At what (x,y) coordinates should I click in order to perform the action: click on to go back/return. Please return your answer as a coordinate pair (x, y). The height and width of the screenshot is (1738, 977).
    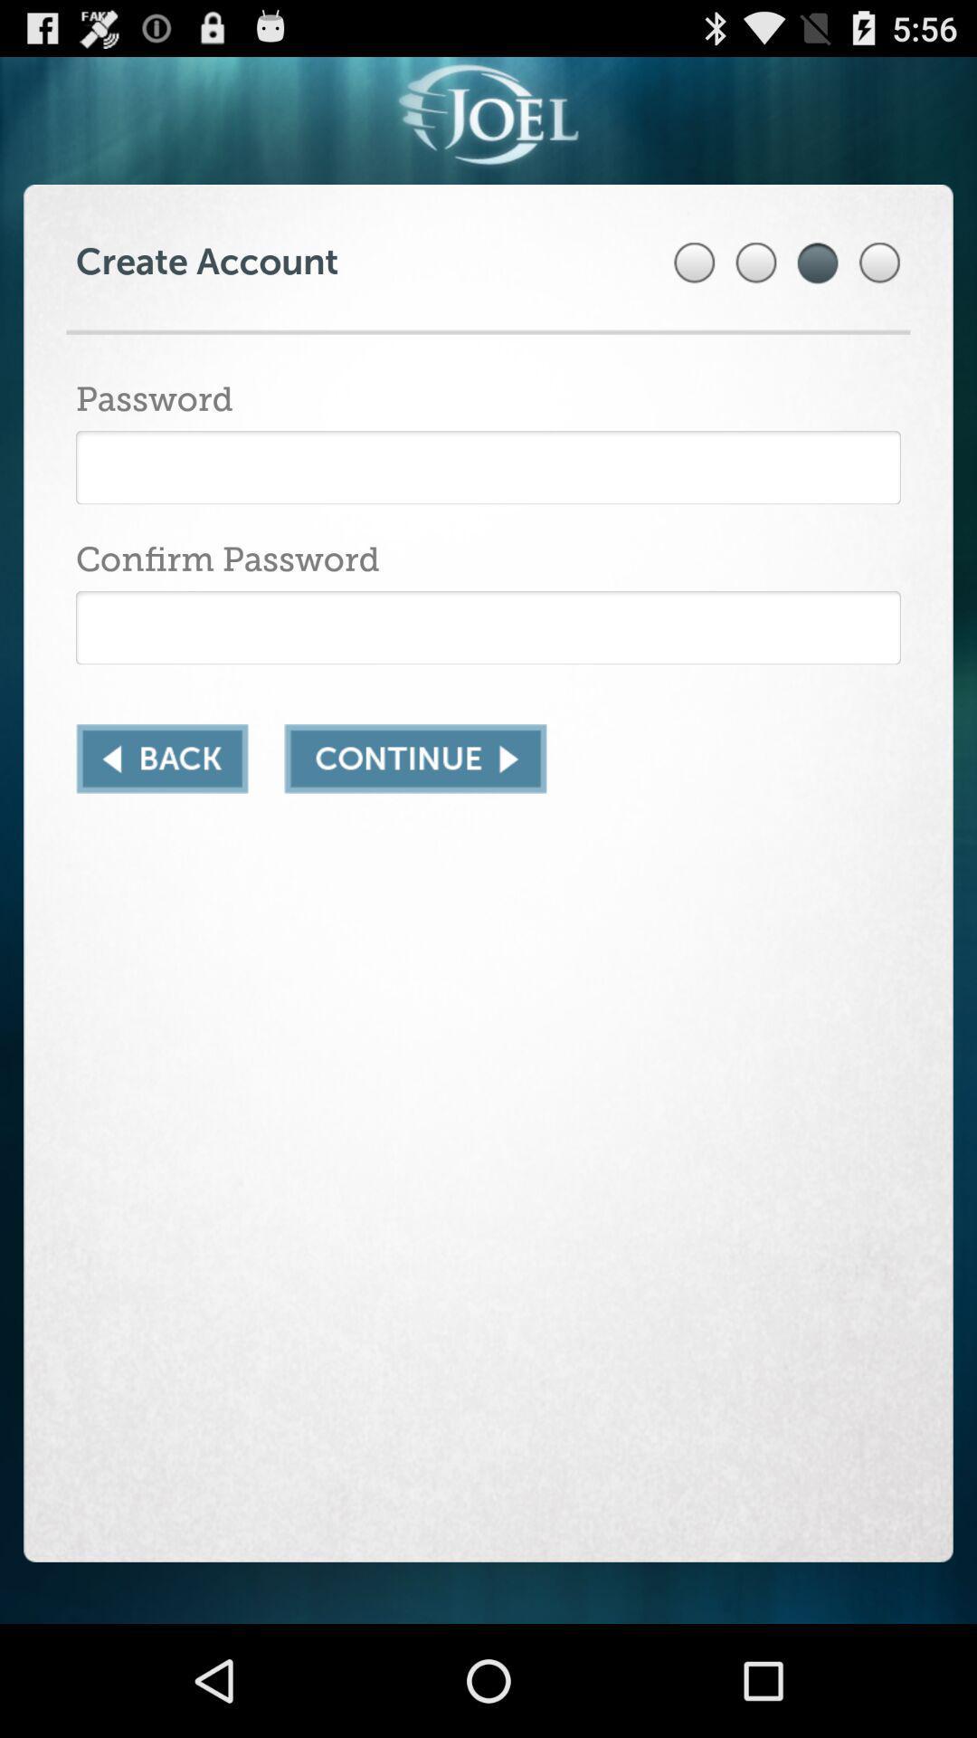
    Looking at the image, I should click on (161, 759).